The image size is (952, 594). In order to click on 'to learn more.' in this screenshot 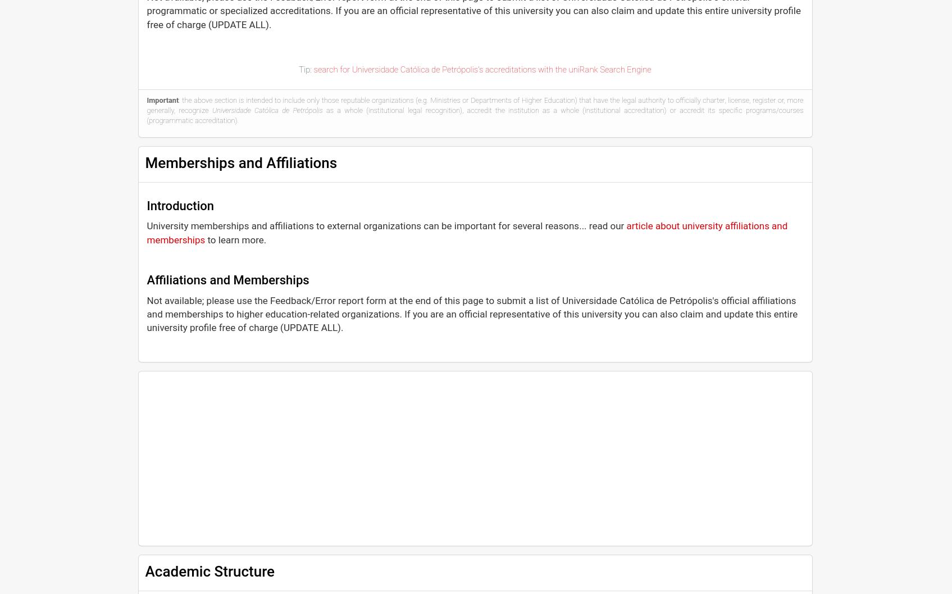, I will do `click(235, 238)`.